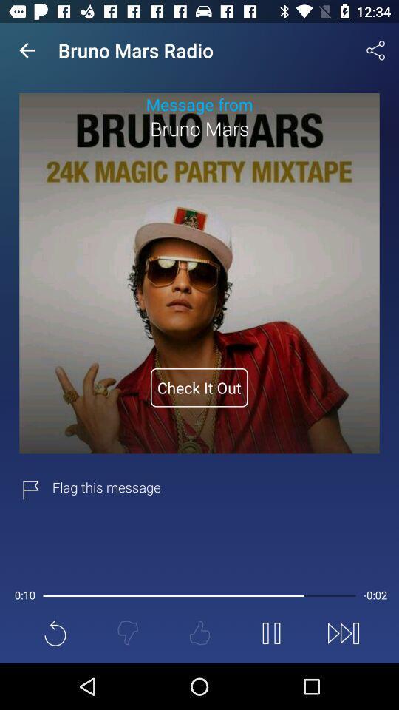 The height and width of the screenshot is (710, 399). I want to click on the skip_next icon, so click(343, 632).